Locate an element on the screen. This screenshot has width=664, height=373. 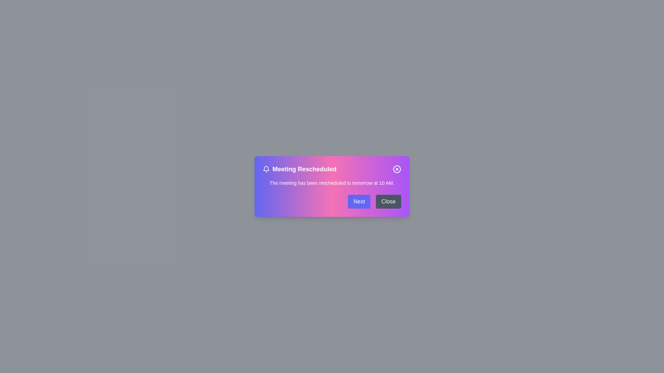
the 'Next' button to navigate to the next notification is located at coordinates (359, 201).